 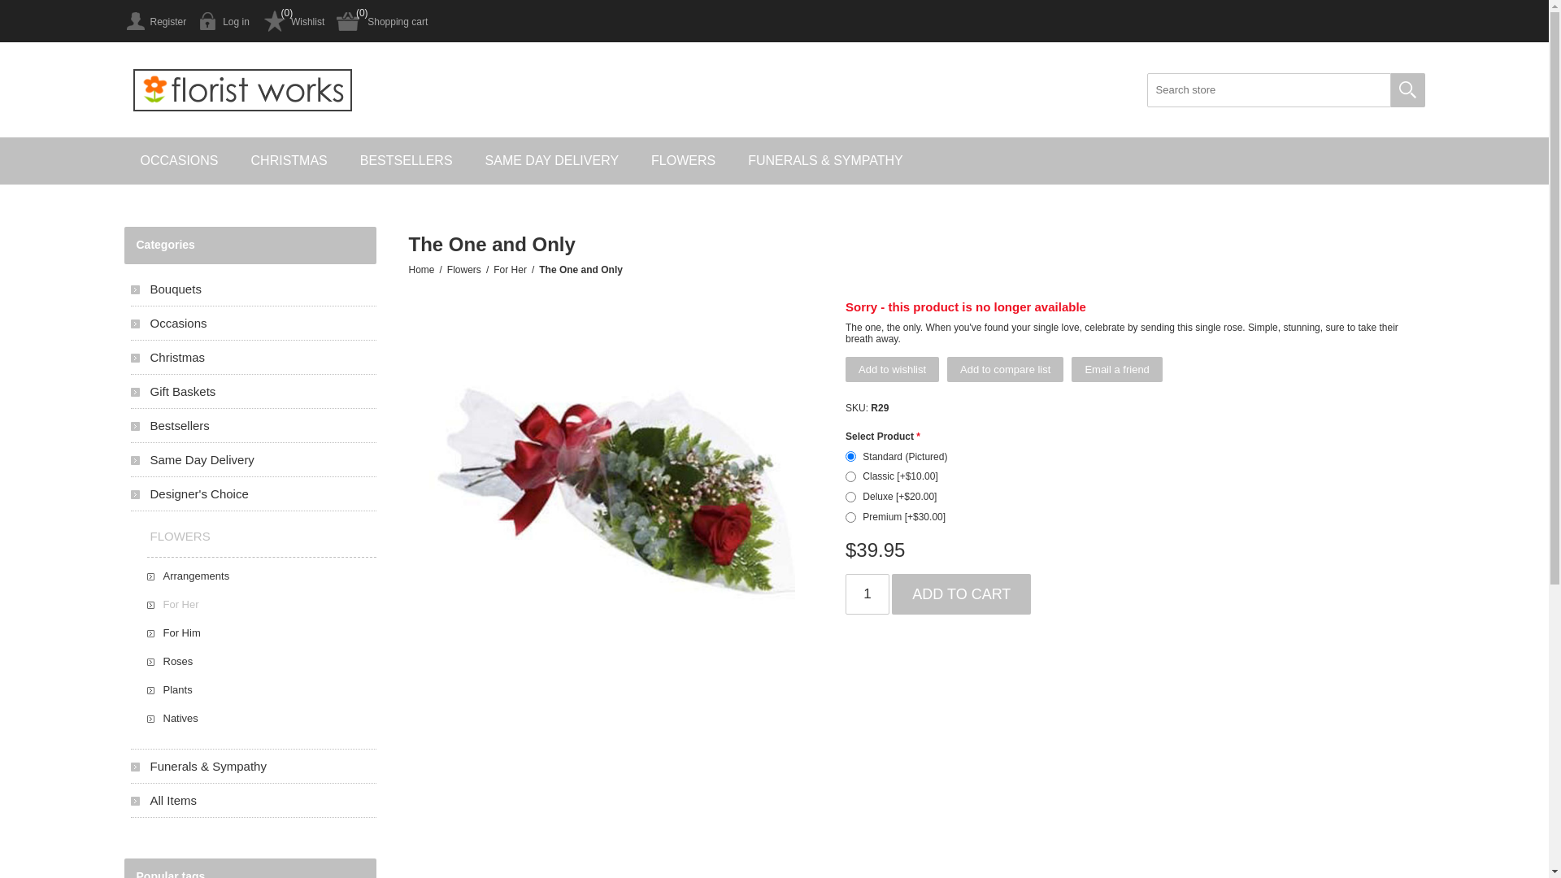 I want to click on 'Occasions', so click(x=252, y=323).